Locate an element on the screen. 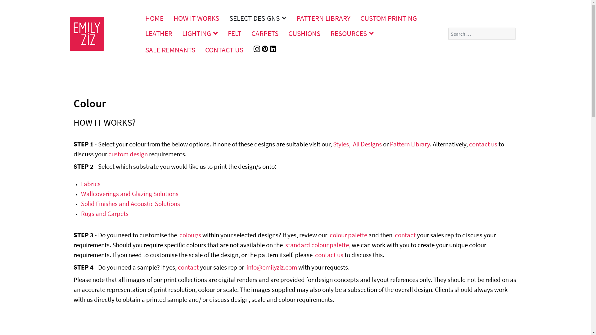  'All Designs' is located at coordinates (367, 144).